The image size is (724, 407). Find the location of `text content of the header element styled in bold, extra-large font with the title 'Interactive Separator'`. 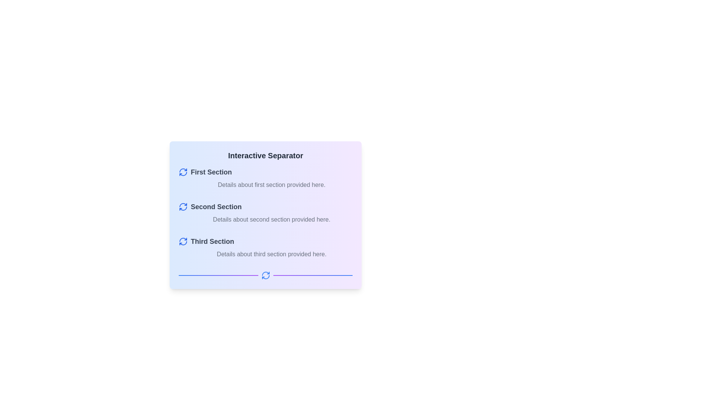

text content of the header element styled in bold, extra-large font with the title 'Interactive Separator' is located at coordinates (265, 155).